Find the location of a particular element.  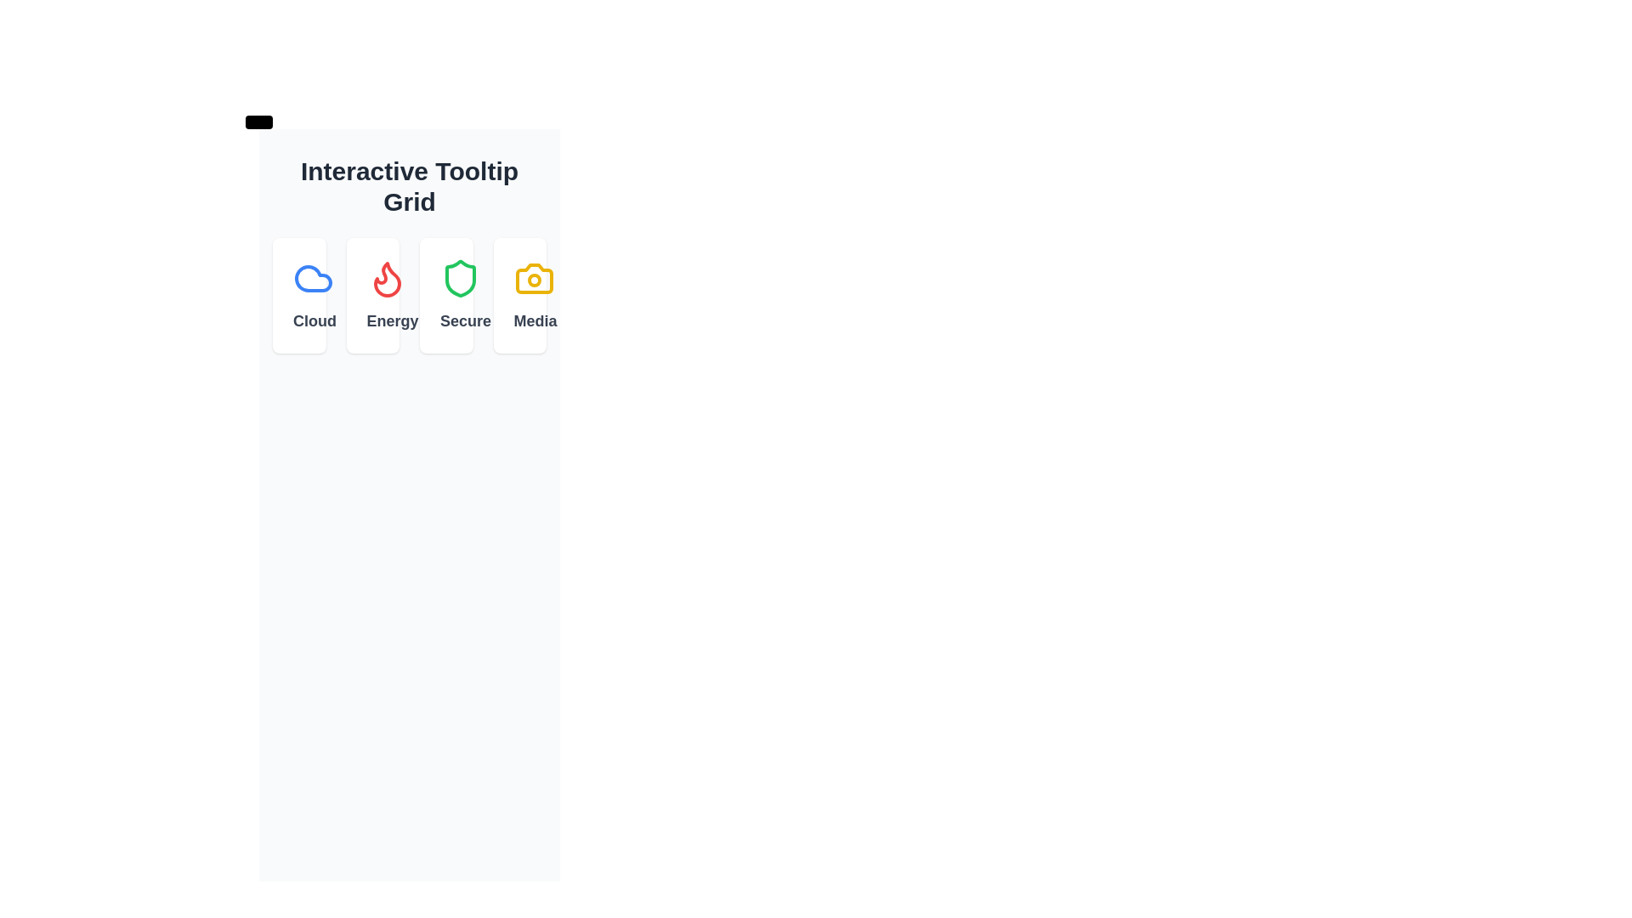

the background outline of the camera icon located in the 'Media' option, which is the fourth icon in the grid of four icons is located at coordinates (533, 277).